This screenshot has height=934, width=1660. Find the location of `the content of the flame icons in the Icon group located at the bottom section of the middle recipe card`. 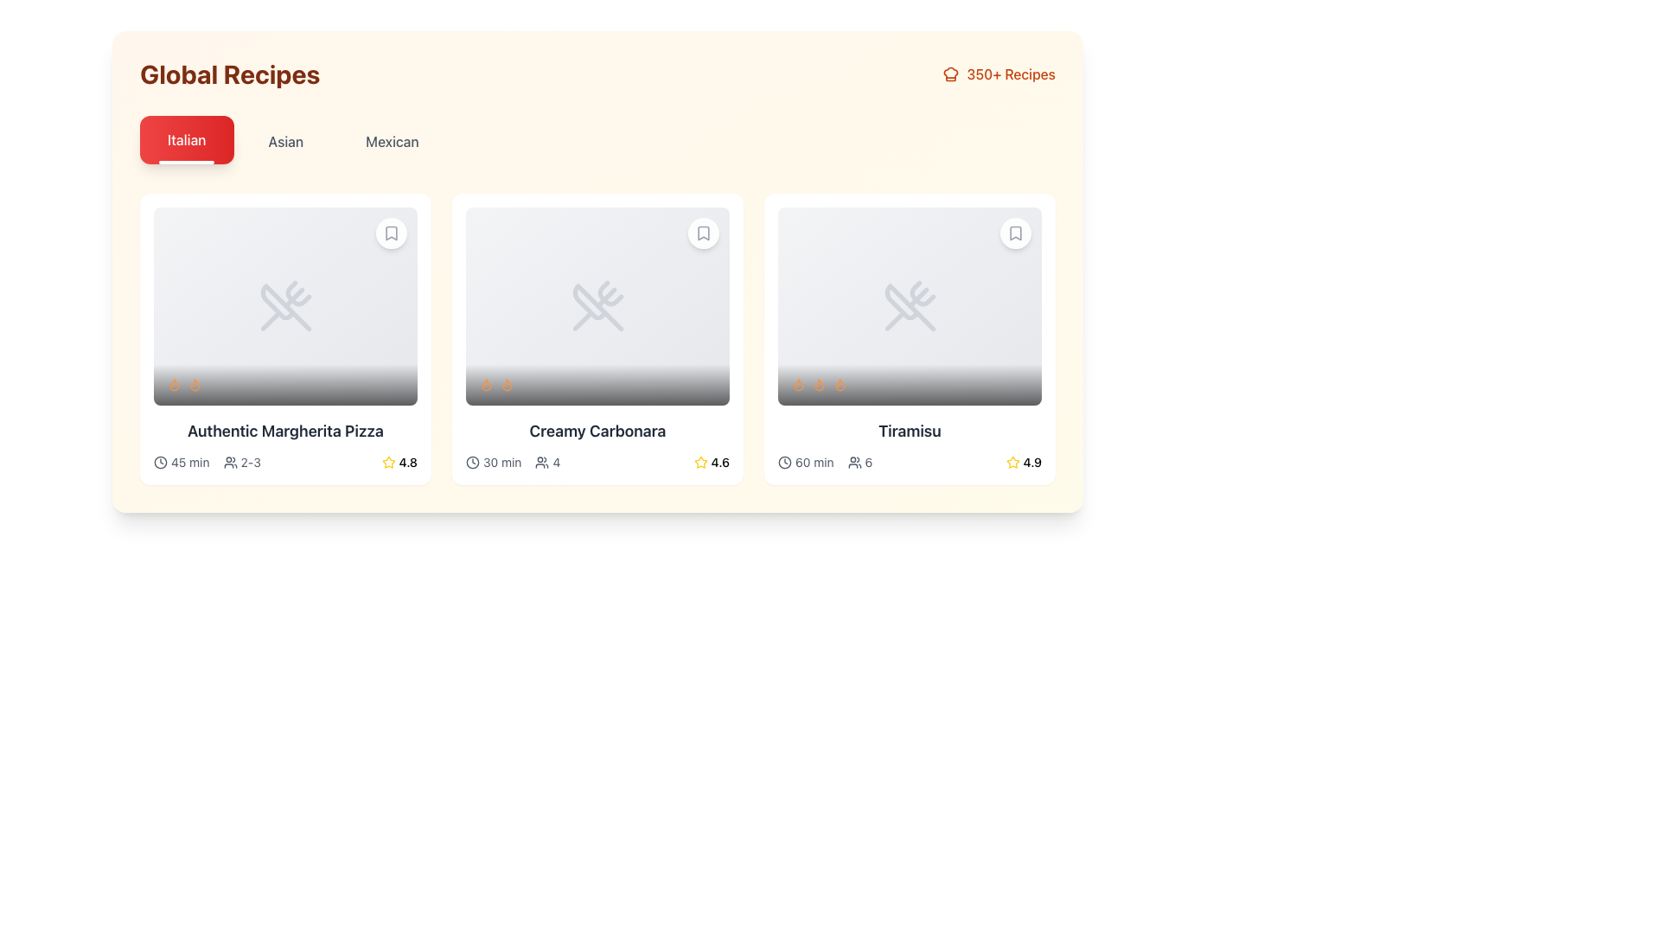

the content of the flame icons in the Icon group located at the bottom section of the middle recipe card is located at coordinates (597, 383).